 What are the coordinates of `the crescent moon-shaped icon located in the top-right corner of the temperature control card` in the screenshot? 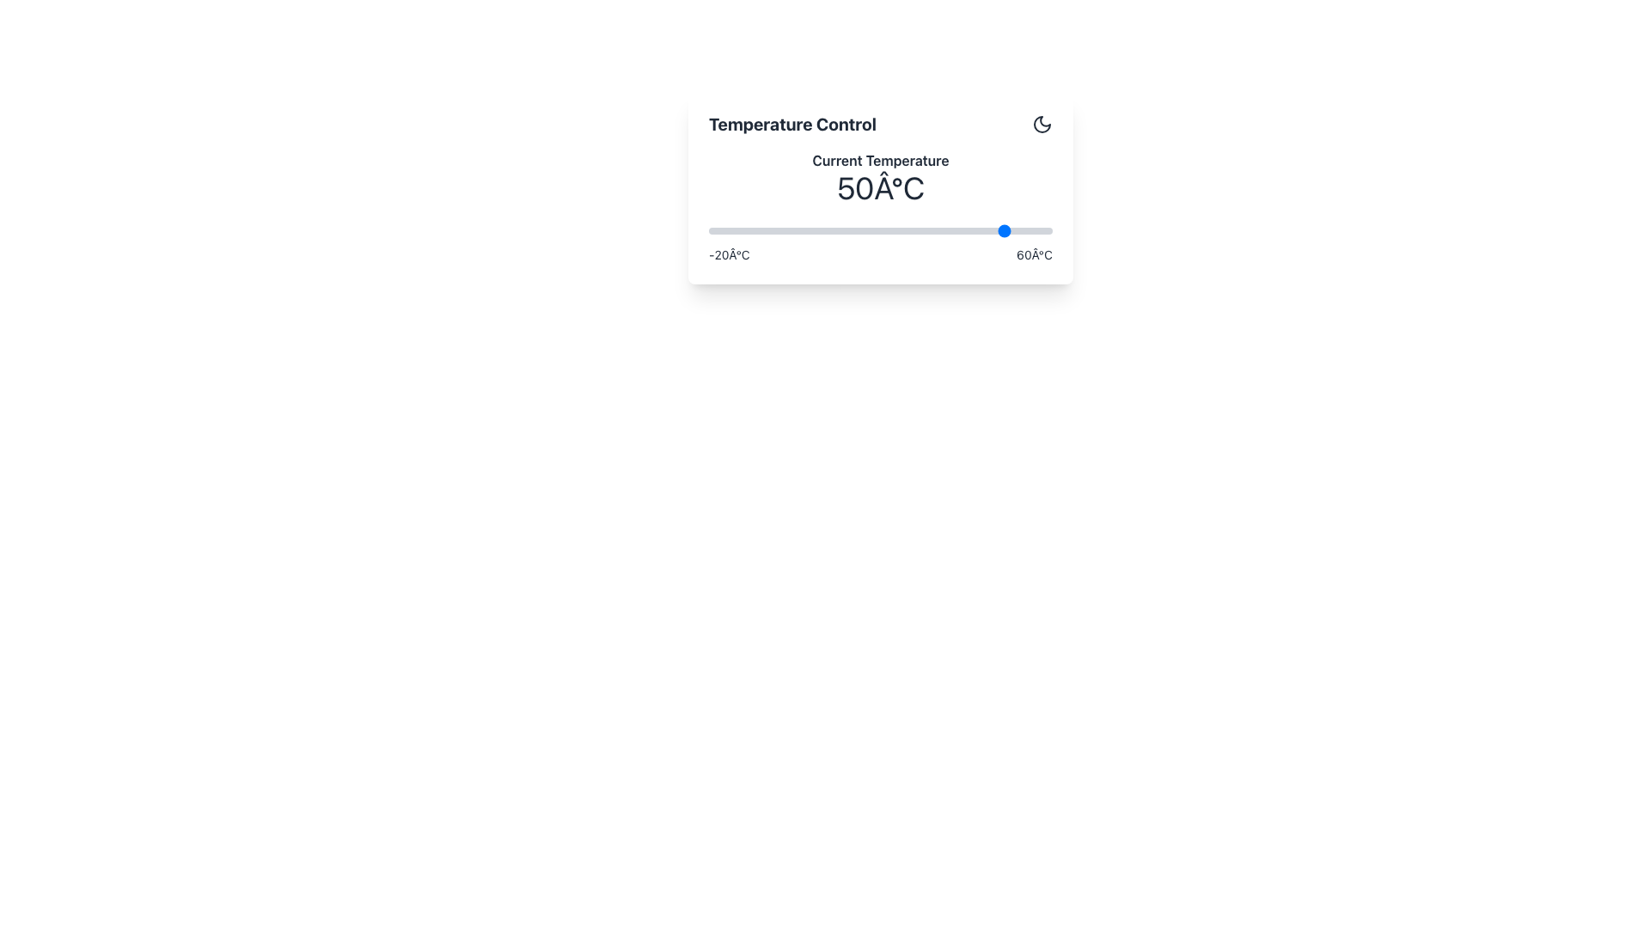 It's located at (1042, 124).